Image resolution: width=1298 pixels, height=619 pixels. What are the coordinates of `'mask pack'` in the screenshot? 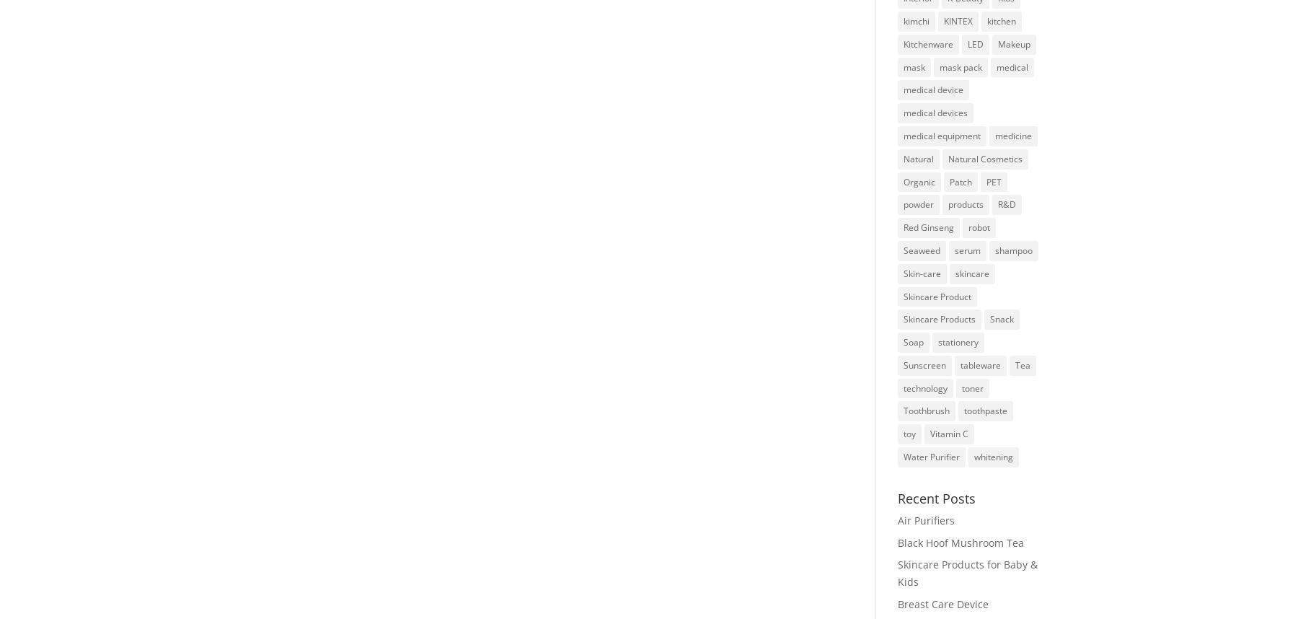 It's located at (938, 66).